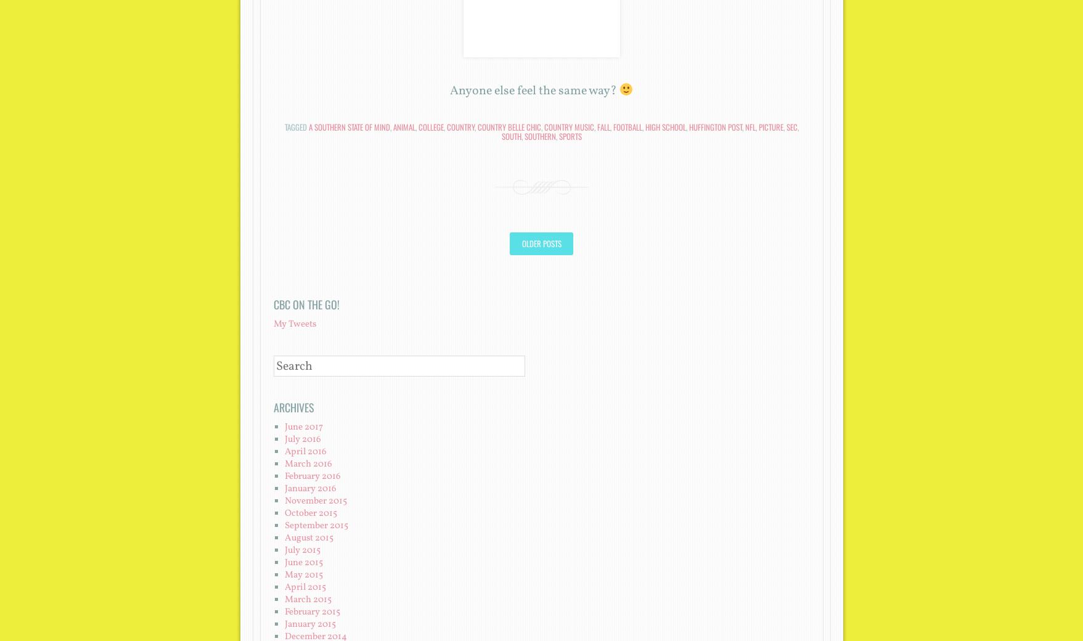  Describe the element at coordinates (302, 427) in the screenshot. I see `'June 2017'` at that location.